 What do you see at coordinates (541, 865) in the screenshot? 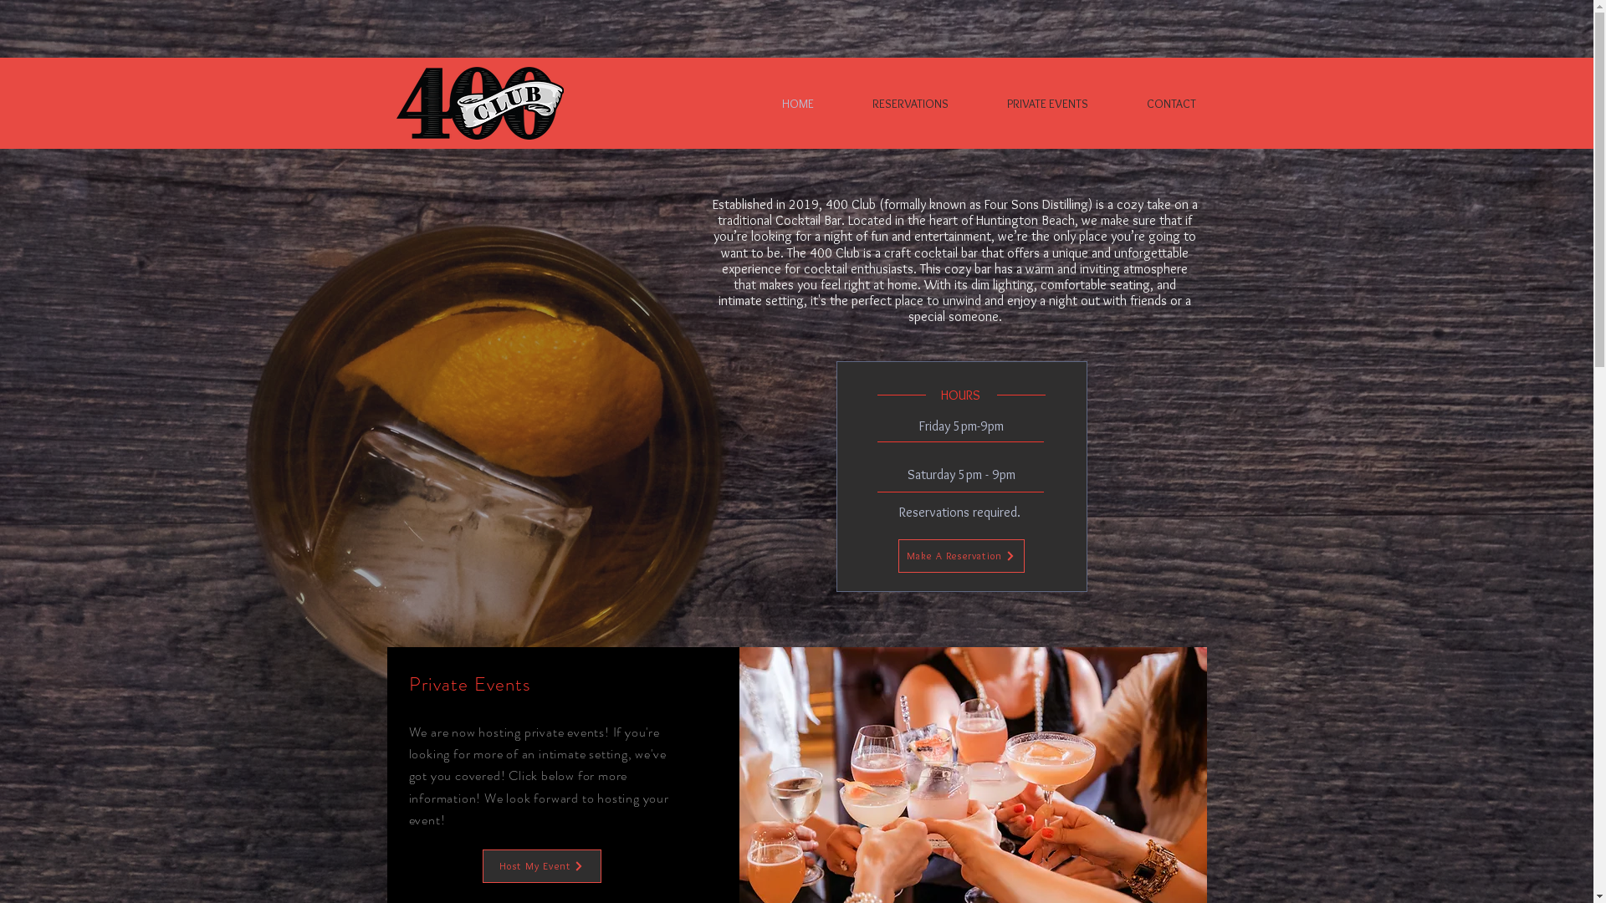
I see `'Host My Event'` at bounding box center [541, 865].